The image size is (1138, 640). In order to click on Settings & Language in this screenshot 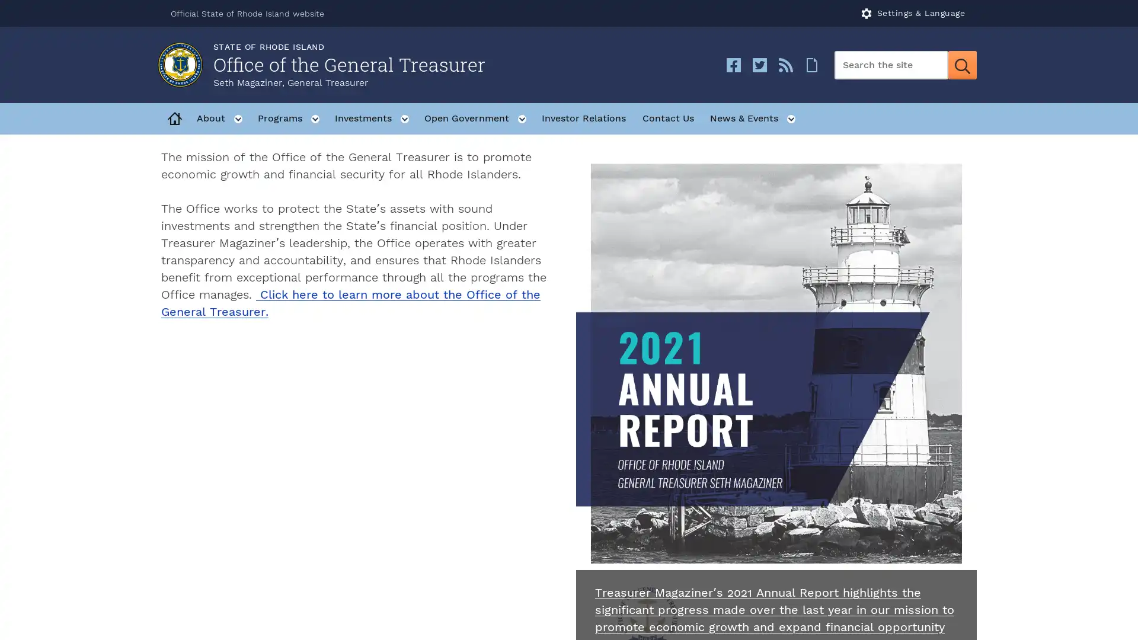, I will do `click(913, 14)`.